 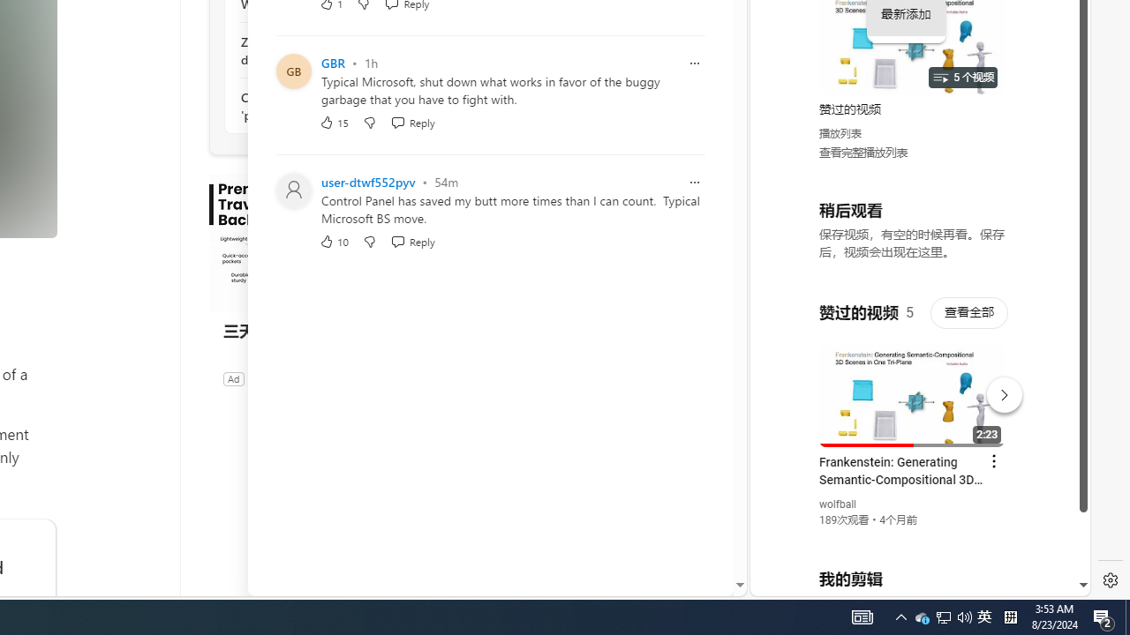 What do you see at coordinates (837, 504) in the screenshot?
I see `'wolfball'` at bounding box center [837, 504].